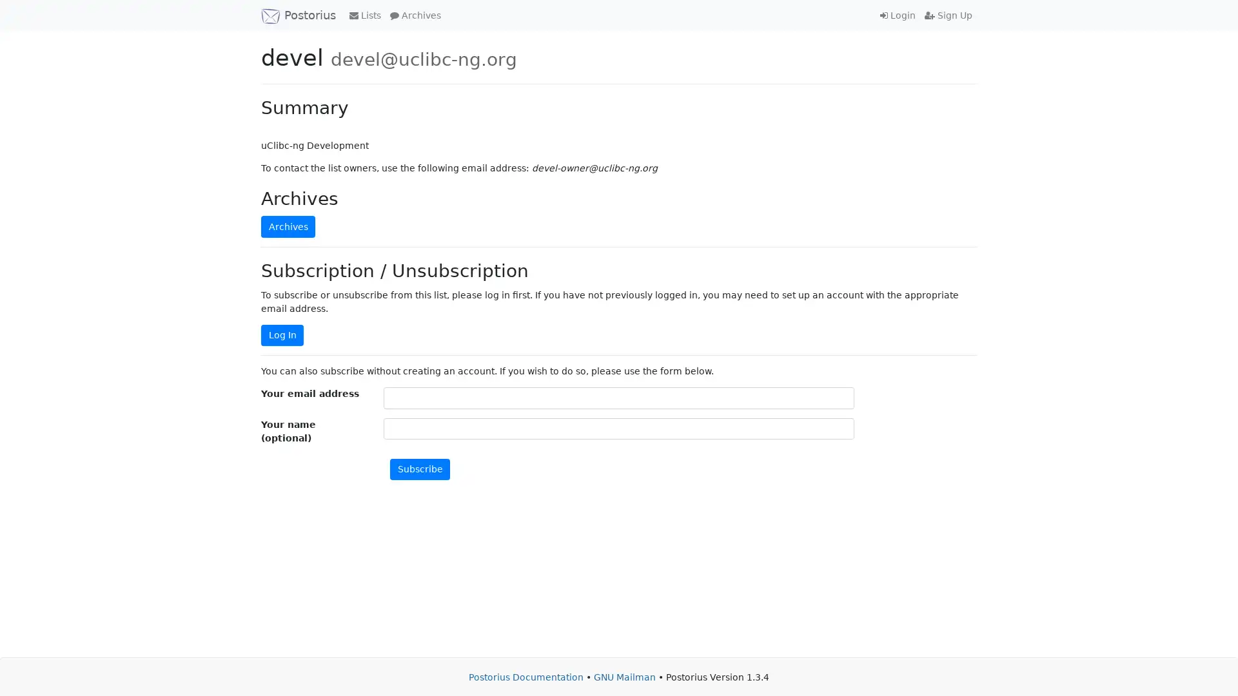  What do you see at coordinates (420, 469) in the screenshot?
I see `Subscribe` at bounding box center [420, 469].